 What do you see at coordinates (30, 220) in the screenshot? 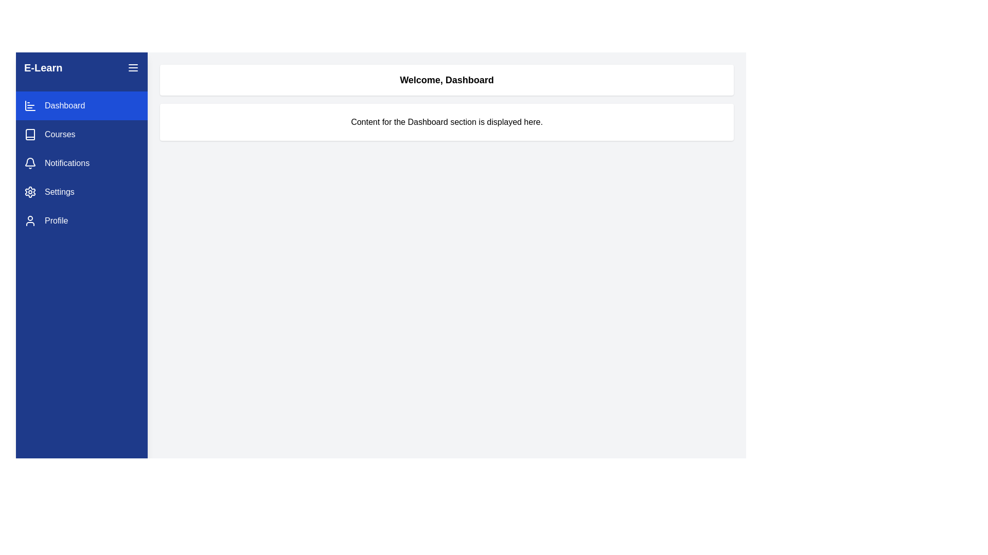
I see `the profile vector icon located in the sidebar navigation panel, to the left of the 'Profile' label` at bounding box center [30, 220].